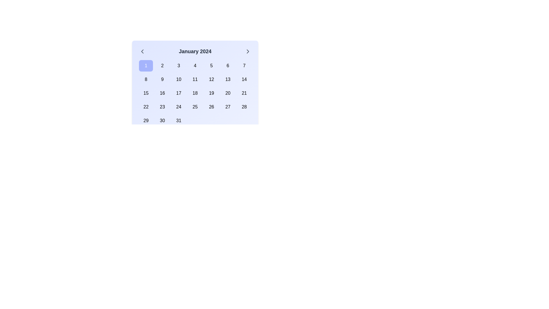  Describe the element at coordinates (162, 107) in the screenshot. I see `the button displaying the number '23' in the calendar grid` at that location.